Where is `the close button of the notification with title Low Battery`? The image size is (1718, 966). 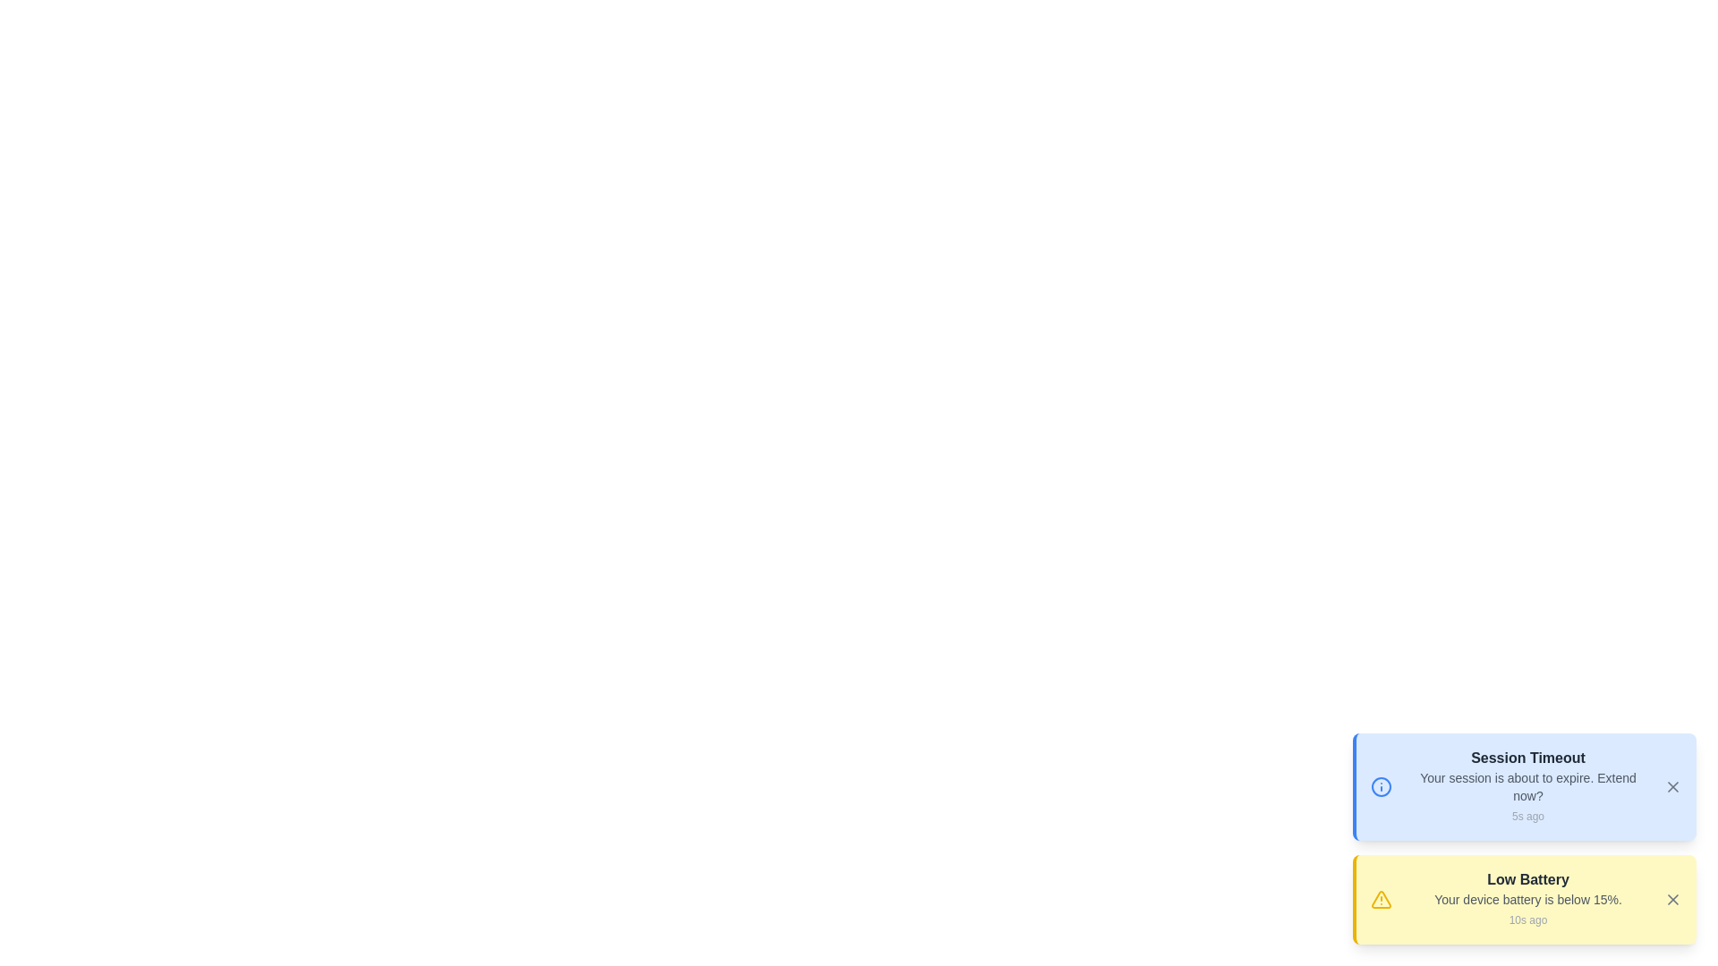
the close button of the notification with title Low Battery is located at coordinates (1672, 900).